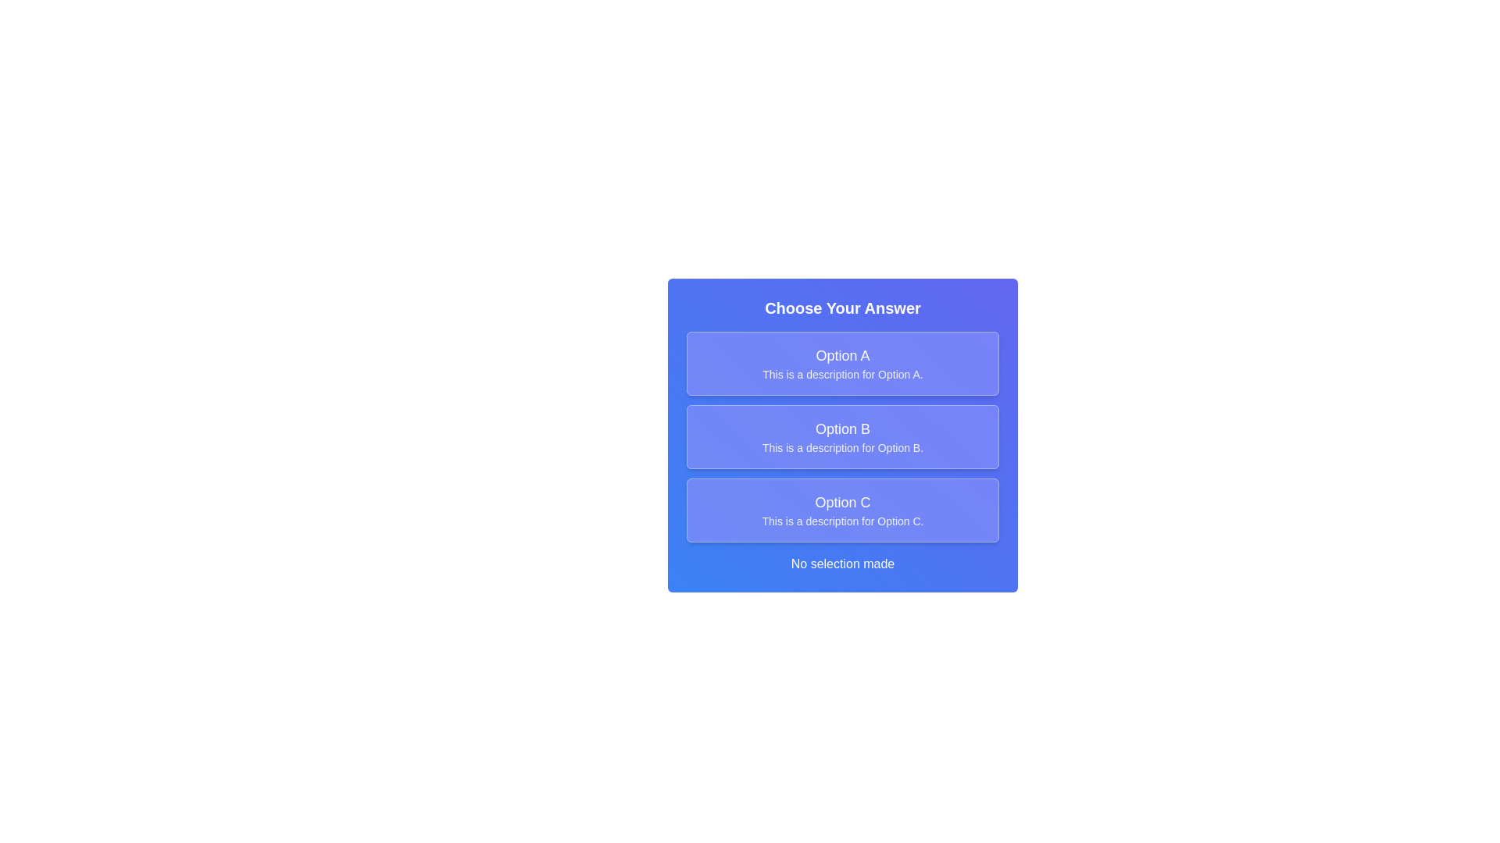  Describe the element at coordinates (842, 510) in the screenshot. I see `the selectable option labeled 'Option C' in the list` at that location.